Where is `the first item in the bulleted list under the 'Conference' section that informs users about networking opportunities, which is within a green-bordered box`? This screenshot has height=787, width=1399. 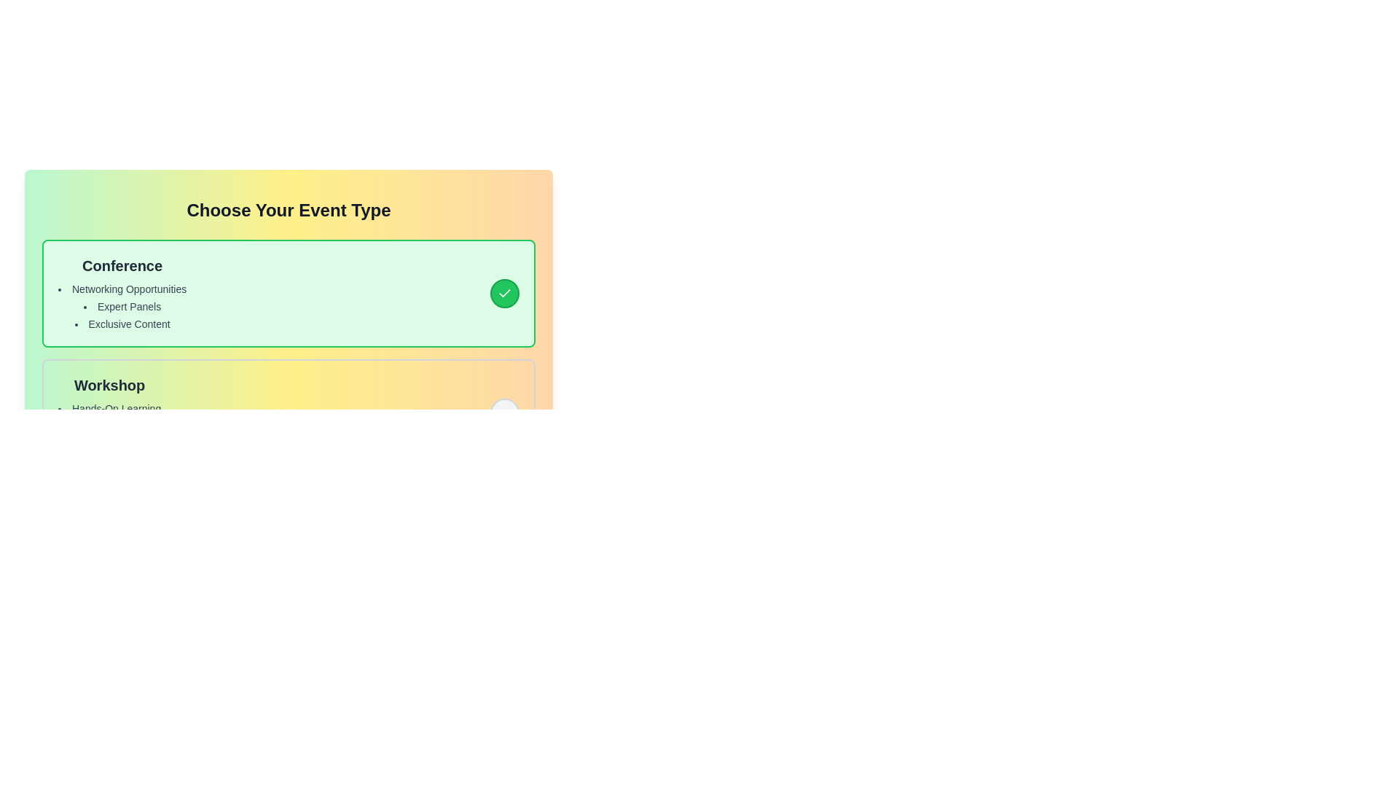
the first item in the bulleted list under the 'Conference' section that informs users about networking opportunities, which is within a green-bordered box is located at coordinates (122, 289).